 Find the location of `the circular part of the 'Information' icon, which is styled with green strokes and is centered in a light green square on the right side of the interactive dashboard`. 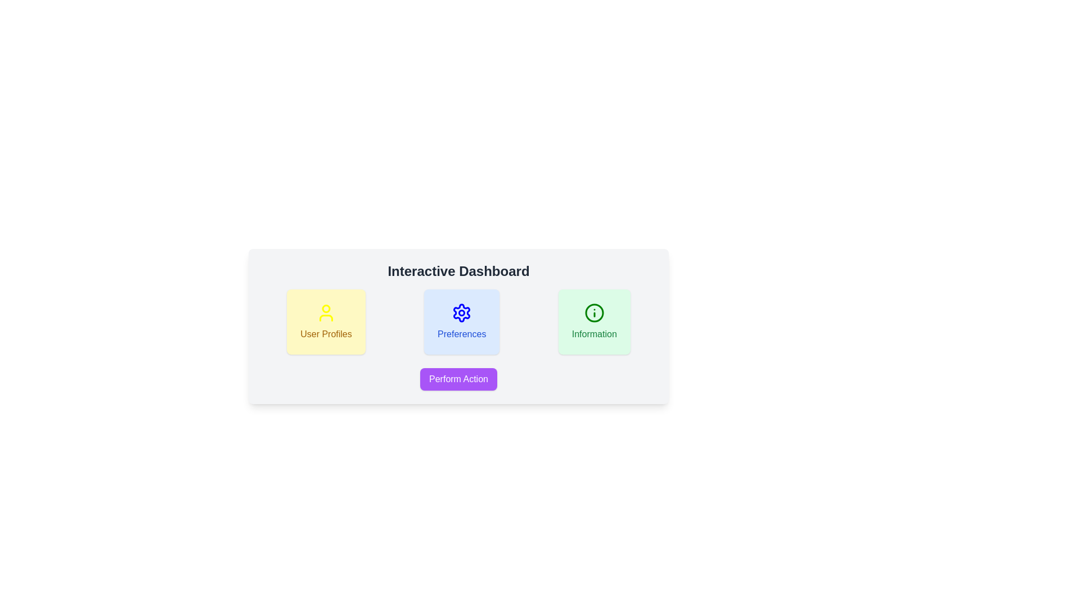

the circular part of the 'Information' icon, which is styled with green strokes and is centered in a light green square on the right side of the interactive dashboard is located at coordinates (593, 312).